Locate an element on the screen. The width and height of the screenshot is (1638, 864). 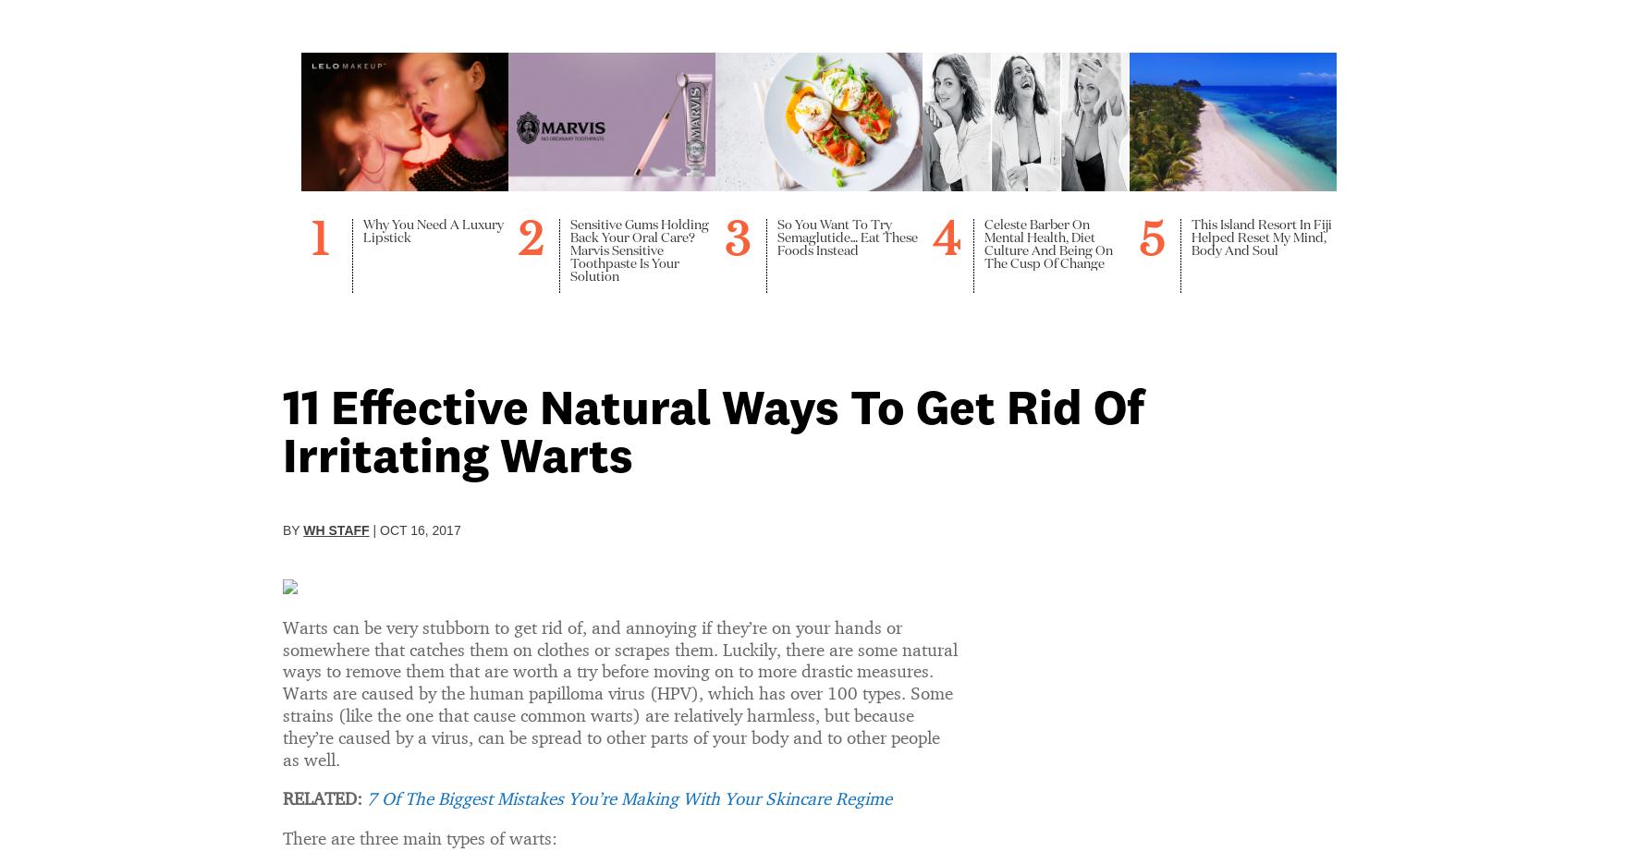
'Health' is located at coordinates (697, 407).